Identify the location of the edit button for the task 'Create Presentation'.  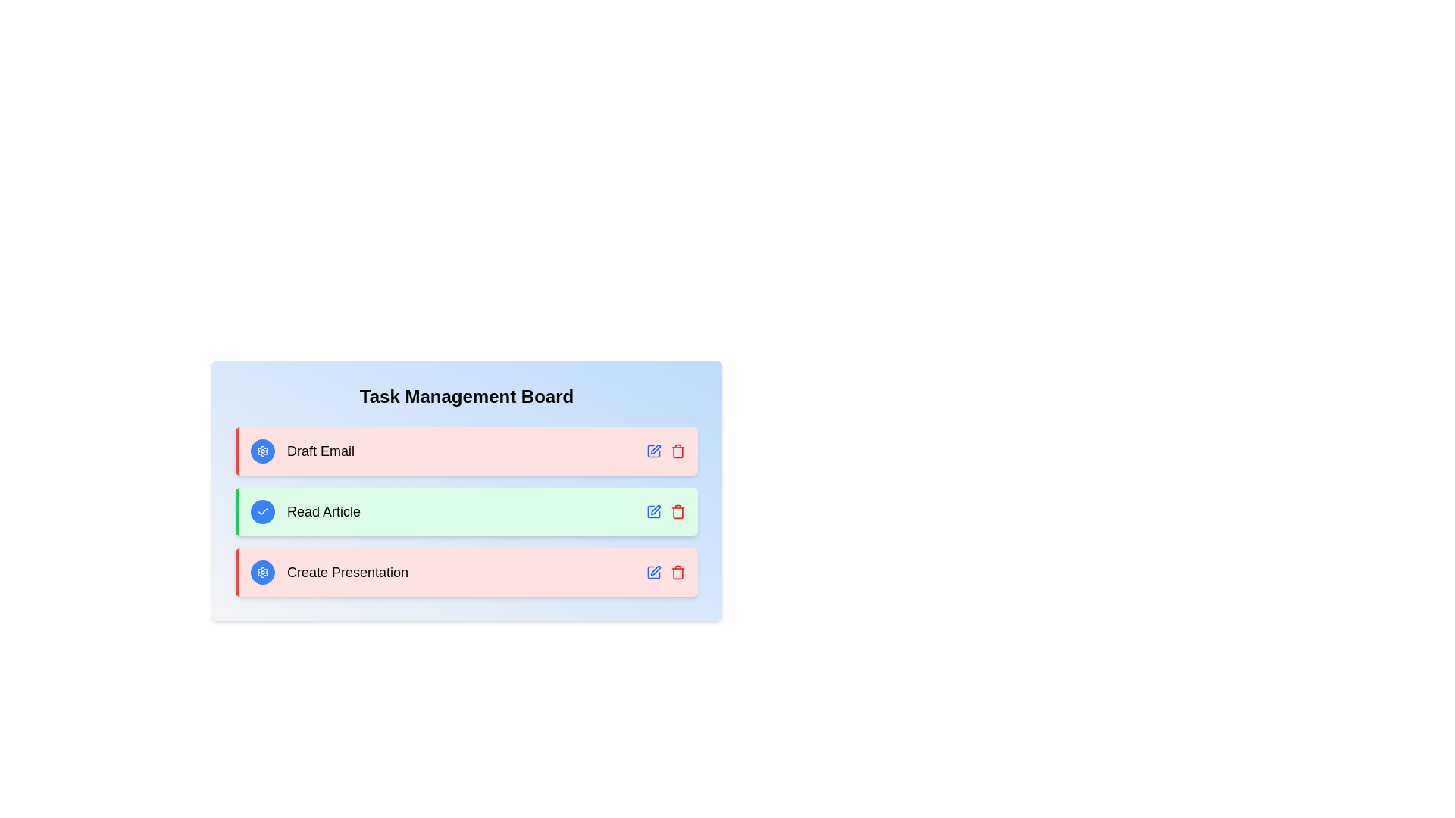
(654, 573).